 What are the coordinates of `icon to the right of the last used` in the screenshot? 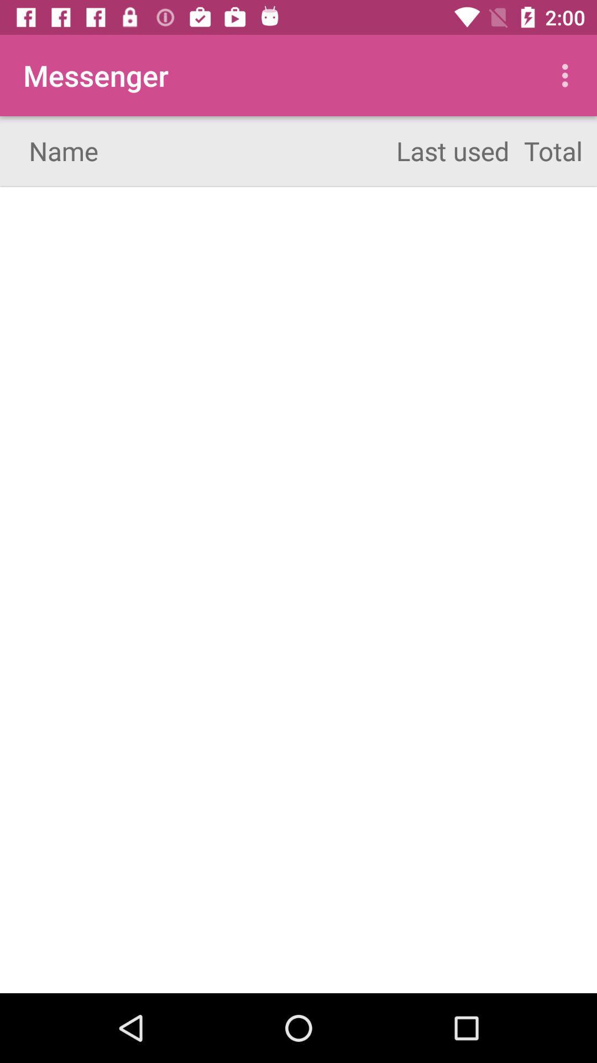 It's located at (568, 75).